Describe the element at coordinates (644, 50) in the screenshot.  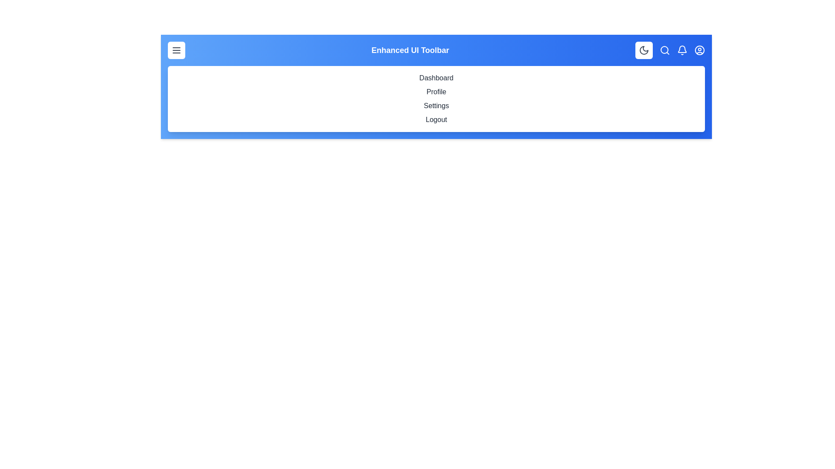
I see `button with the Moon/Sun icon to toggle the theme` at that location.